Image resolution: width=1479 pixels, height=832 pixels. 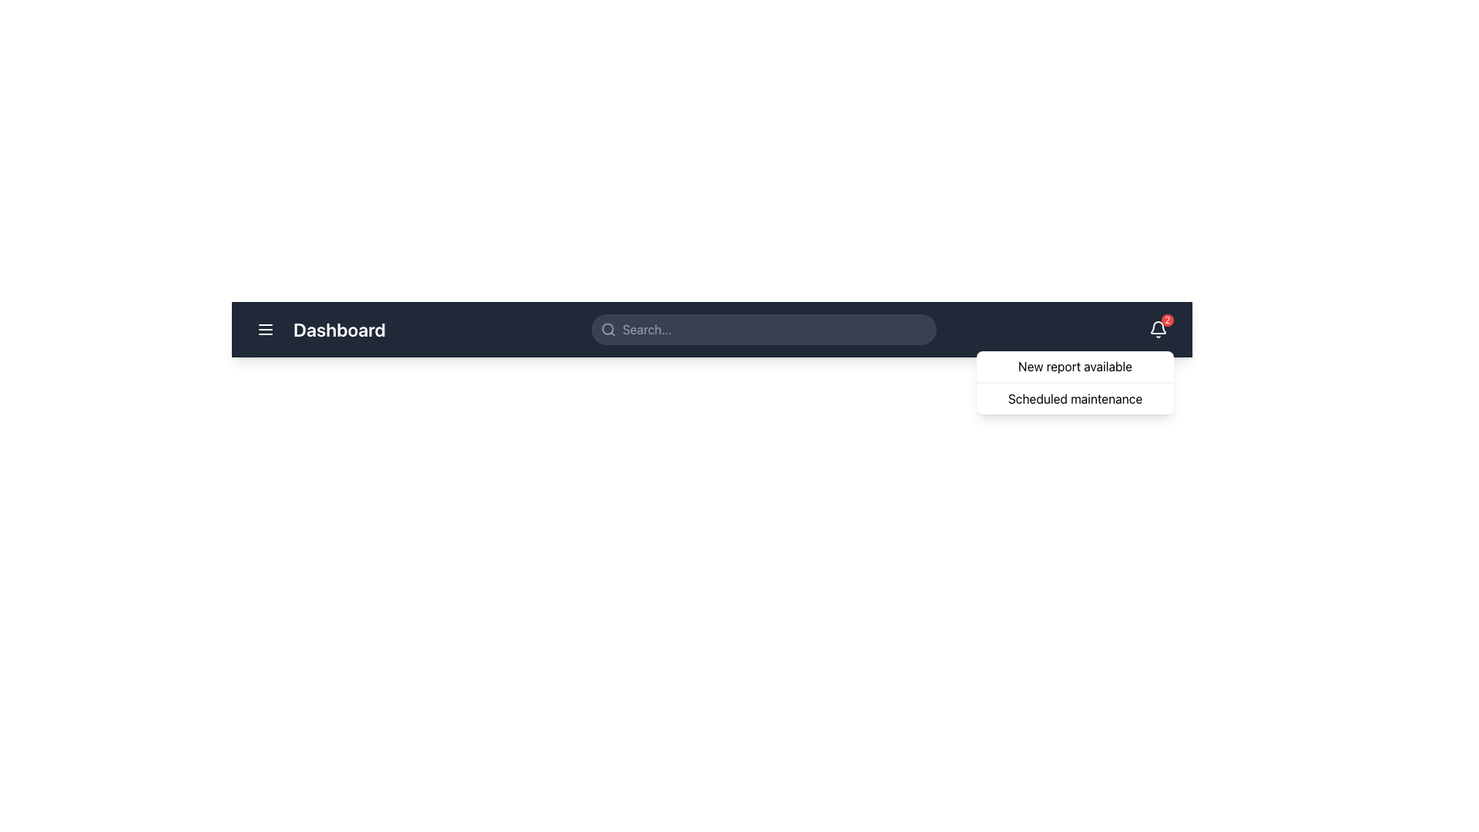 What do you see at coordinates (1075, 397) in the screenshot?
I see `the static text label that informs the user about a scheduled maintenance event, located below the 'New report available' label within the dropdown menu` at bounding box center [1075, 397].